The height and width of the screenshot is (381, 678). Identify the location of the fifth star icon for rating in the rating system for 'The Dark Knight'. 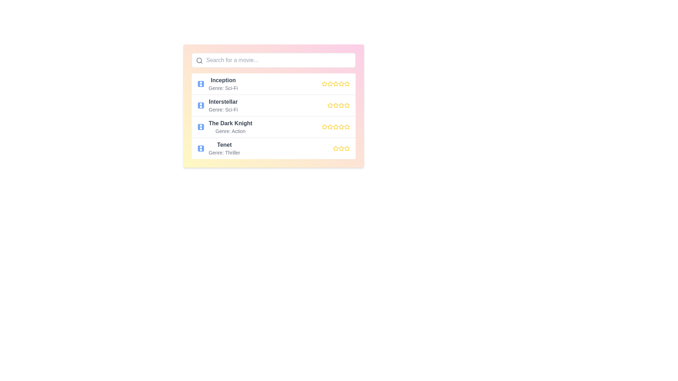
(347, 126).